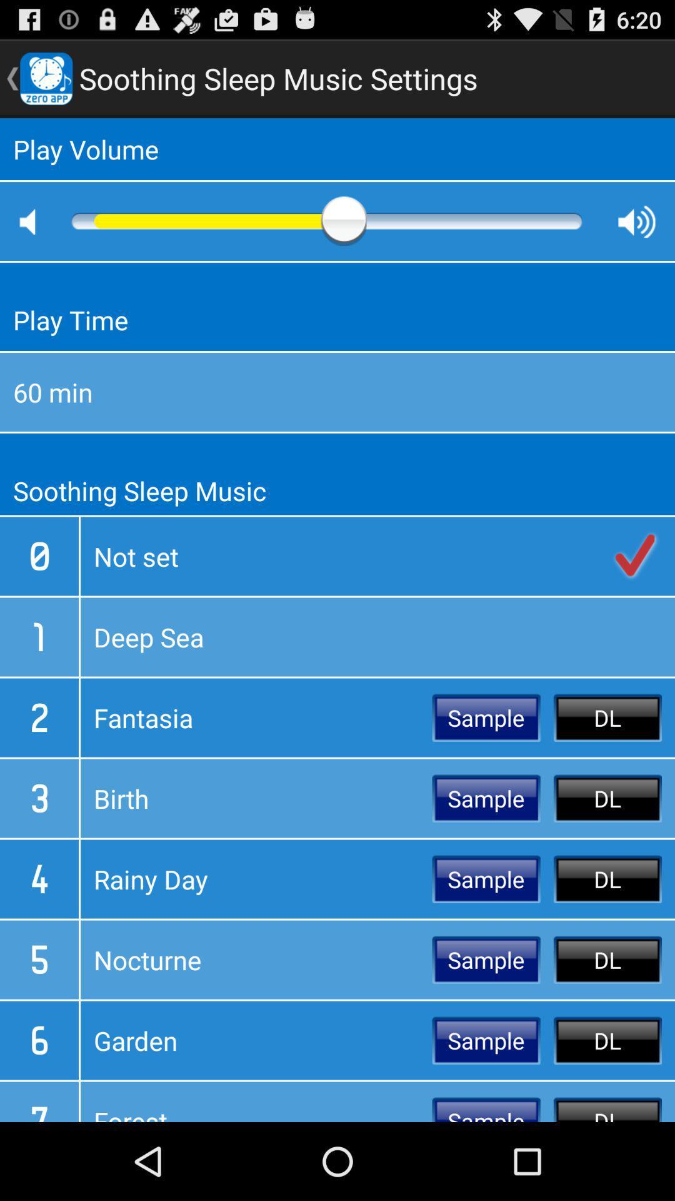 The height and width of the screenshot is (1201, 675). I want to click on the icon to the left of the sample icon, so click(256, 959).